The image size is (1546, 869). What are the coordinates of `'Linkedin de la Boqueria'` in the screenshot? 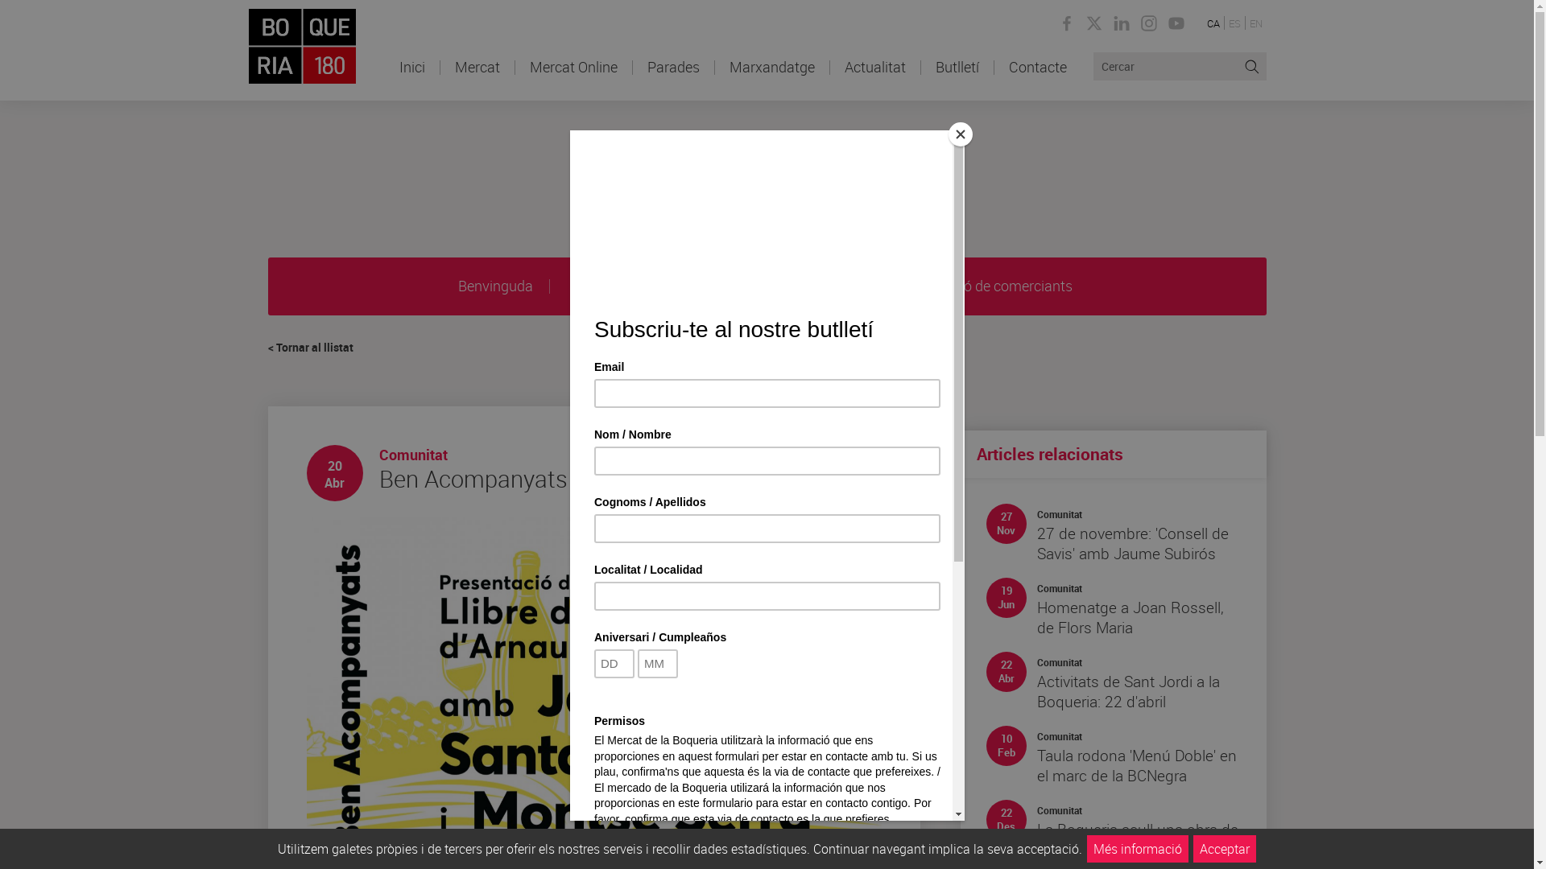 It's located at (1120, 25).